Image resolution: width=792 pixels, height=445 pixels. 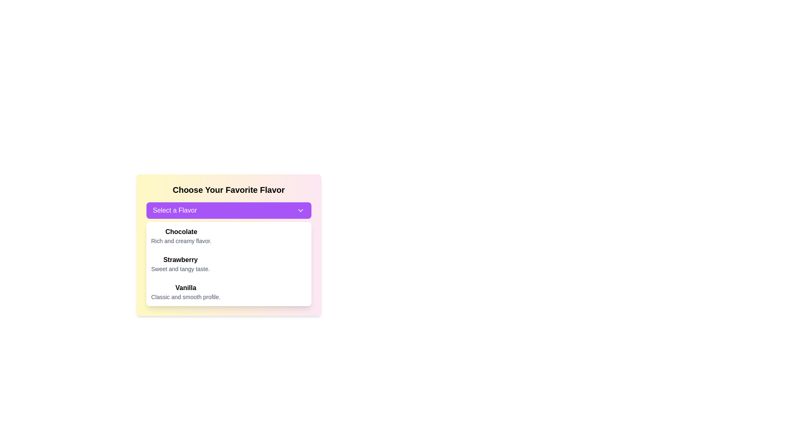 I want to click on descriptive label for the 'Strawberry' flavor, which is the second item in the vertical list of flavor choices, positioned between 'Chocolate' and 'Vanilla', so click(x=180, y=264).